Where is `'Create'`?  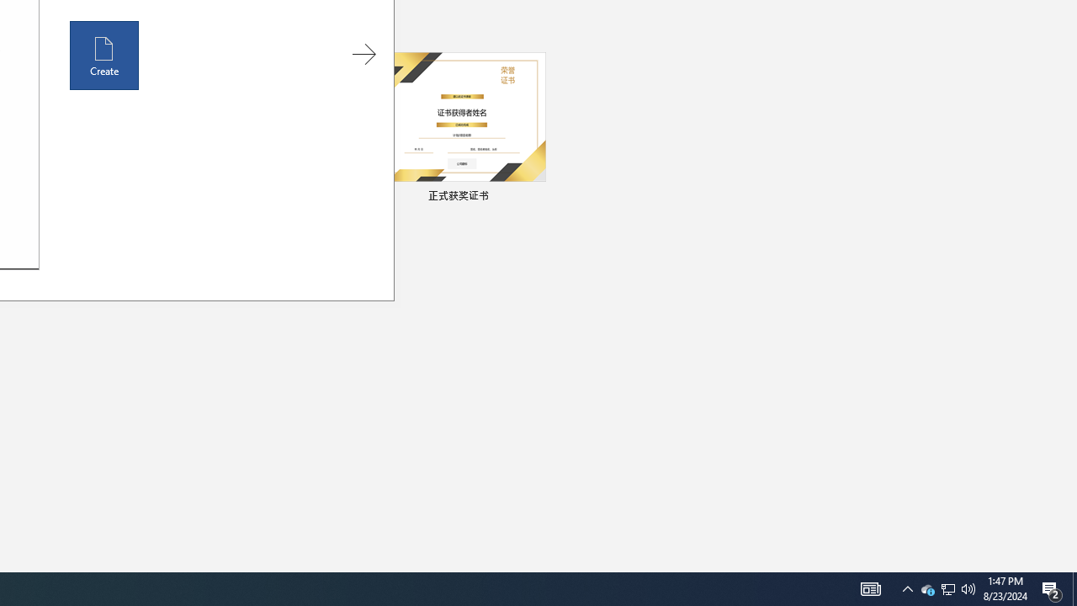
'Create' is located at coordinates (103, 55).